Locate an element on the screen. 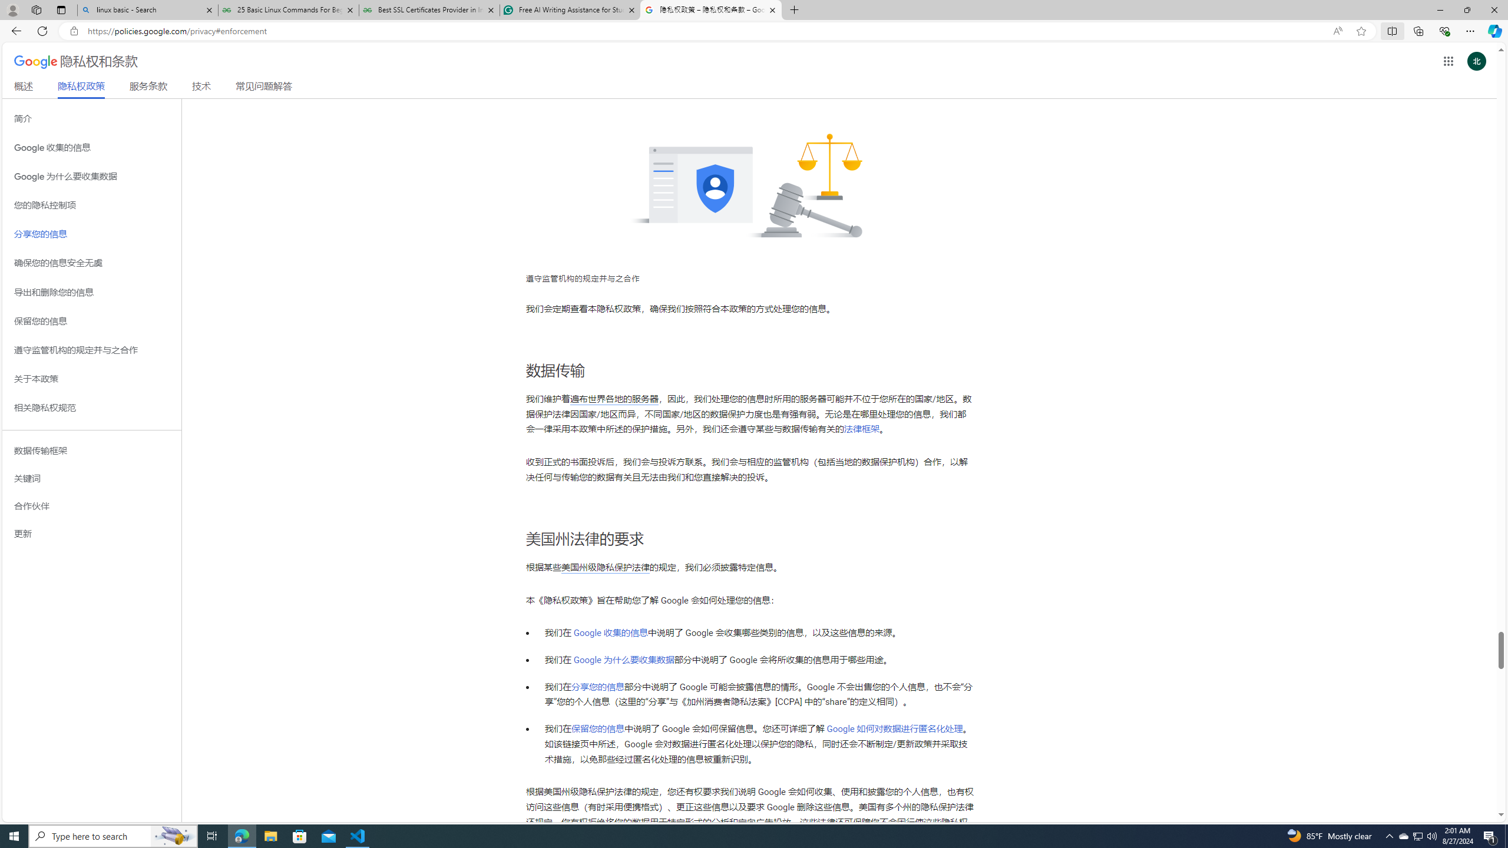 The image size is (1508, 848). 'Best SSL Certificates Provider in India - GeeksforGeeks' is located at coordinates (429, 9).